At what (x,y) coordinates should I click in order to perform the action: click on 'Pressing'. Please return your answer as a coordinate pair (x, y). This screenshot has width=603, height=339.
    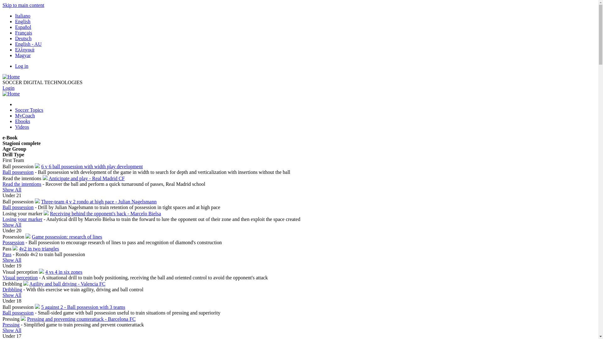
    Looking at the image, I should click on (3, 325).